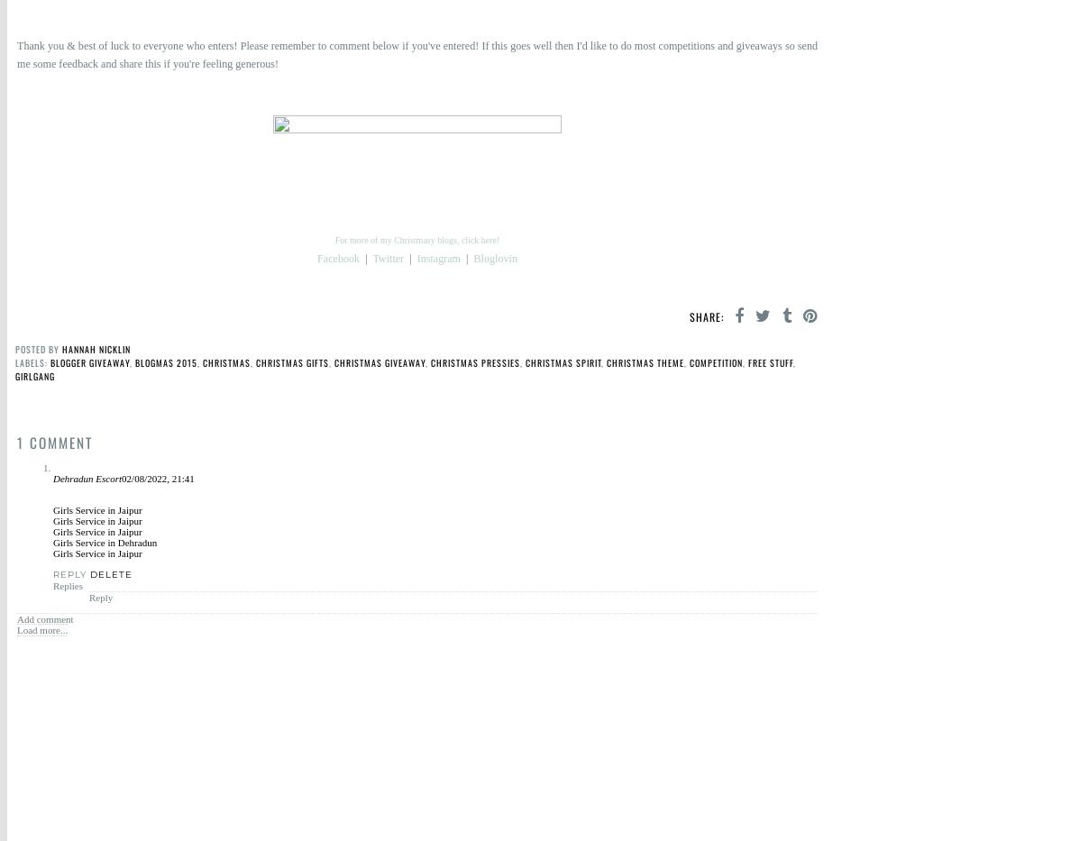  What do you see at coordinates (226, 362) in the screenshot?
I see `'Christmas'` at bounding box center [226, 362].